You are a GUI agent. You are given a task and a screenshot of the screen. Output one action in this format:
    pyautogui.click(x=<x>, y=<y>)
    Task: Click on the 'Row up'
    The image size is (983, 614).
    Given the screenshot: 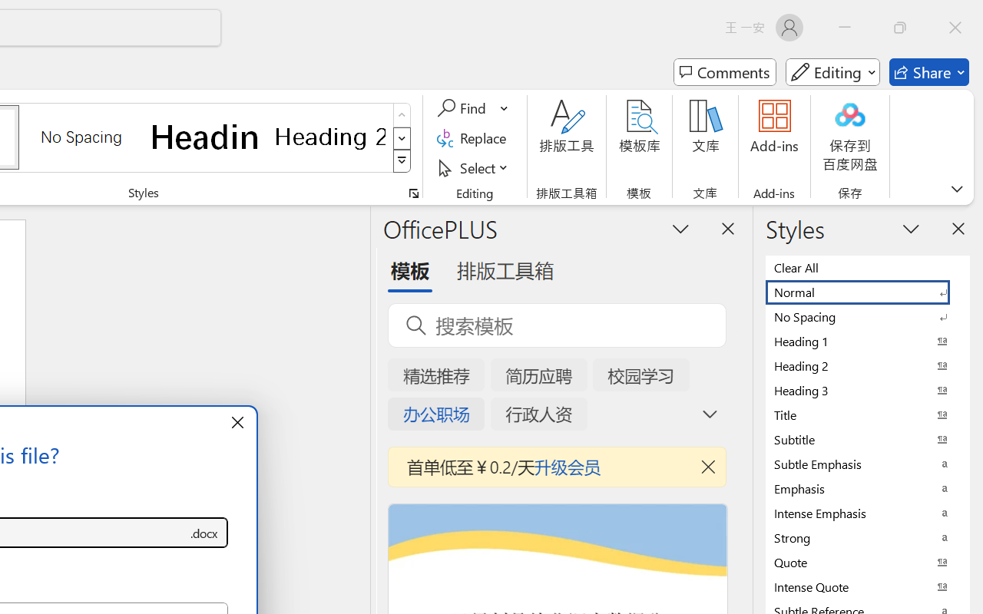 What is the action you would take?
    pyautogui.click(x=402, y=115)
    